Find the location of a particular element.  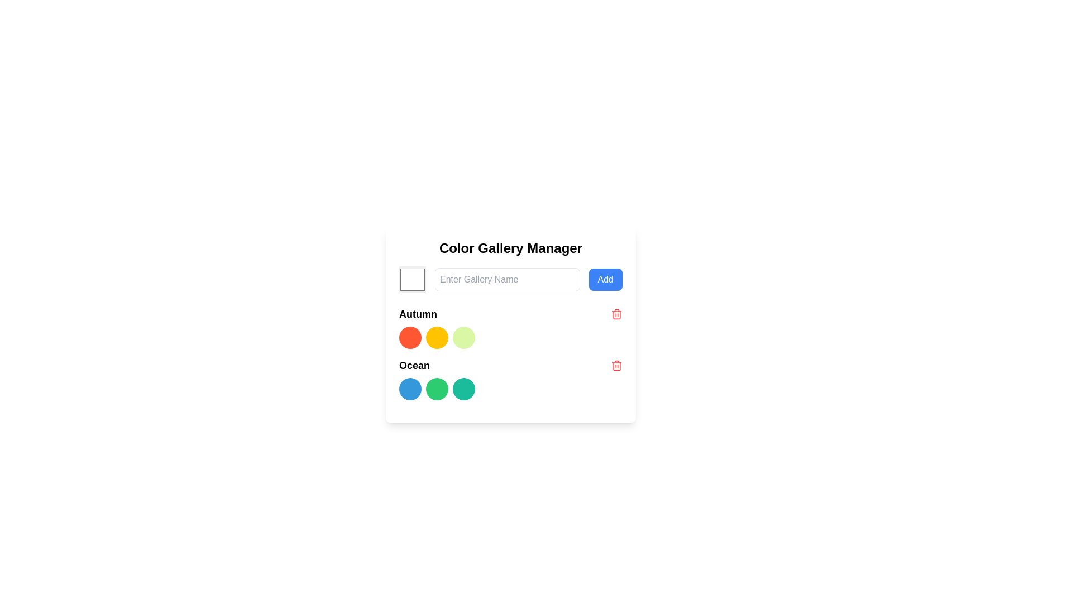

the delete button icon located at the top-right corner of the 'Ocean' card is located at coordinates (616, 366).